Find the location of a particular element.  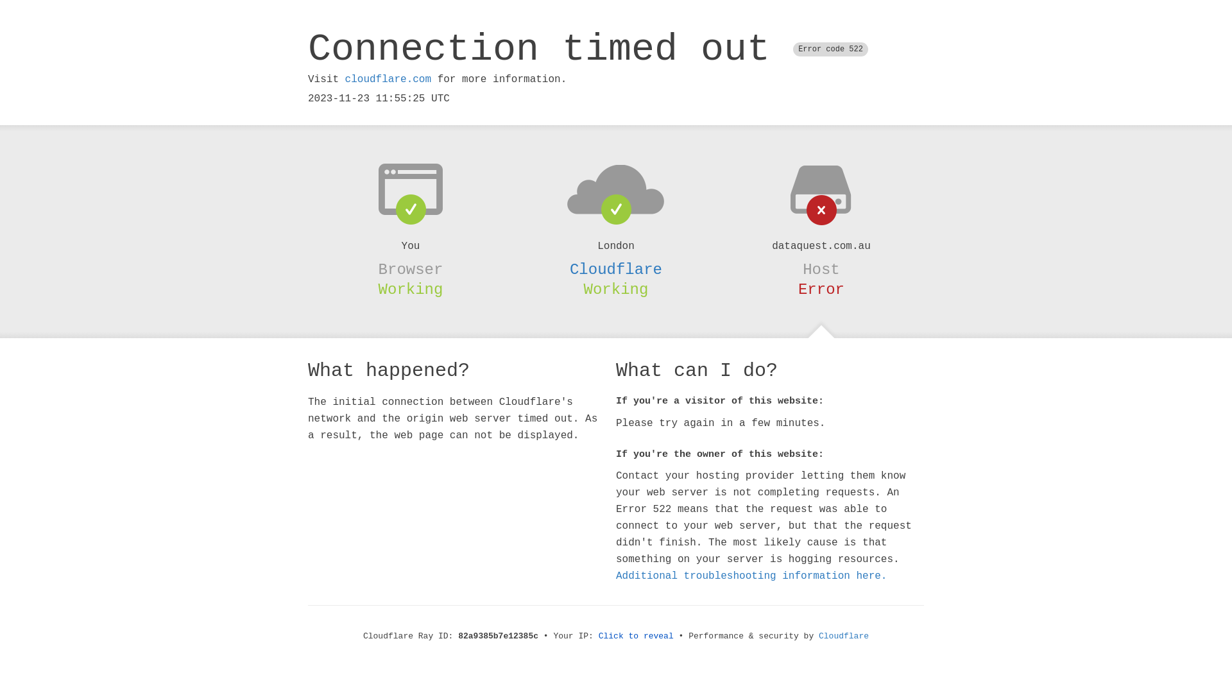

'Cloudflare' is located at coordinates (844, 636).